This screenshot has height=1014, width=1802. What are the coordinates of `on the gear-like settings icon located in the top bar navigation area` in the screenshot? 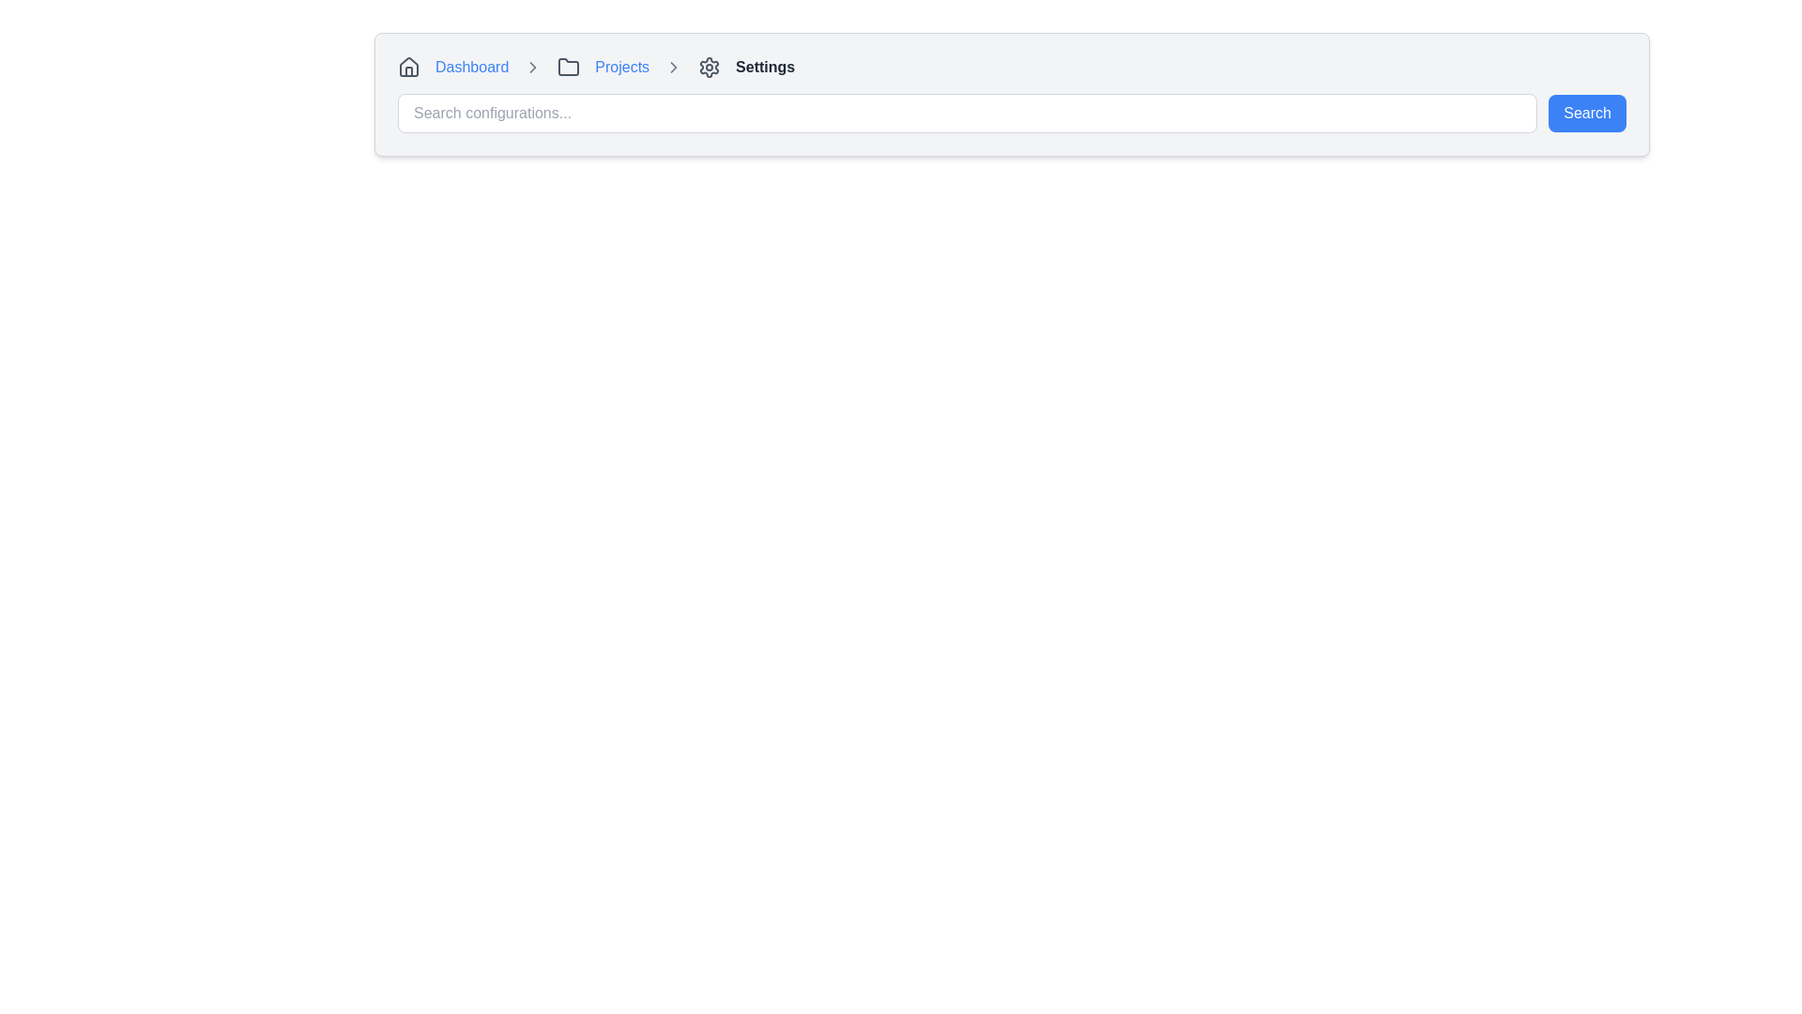 It's located at (709, 67).